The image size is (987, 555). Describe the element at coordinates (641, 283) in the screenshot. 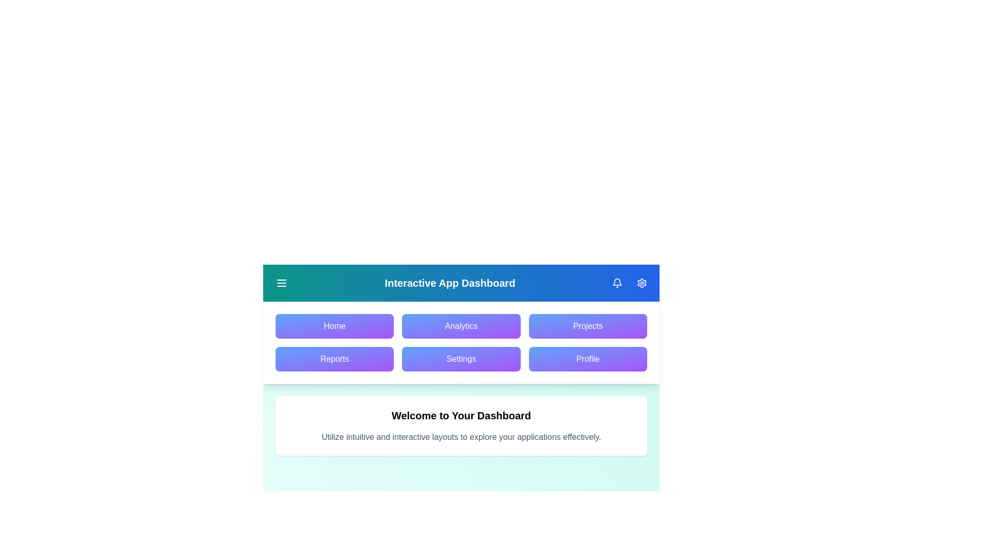

I see `the settings button in the app bar` at that location.